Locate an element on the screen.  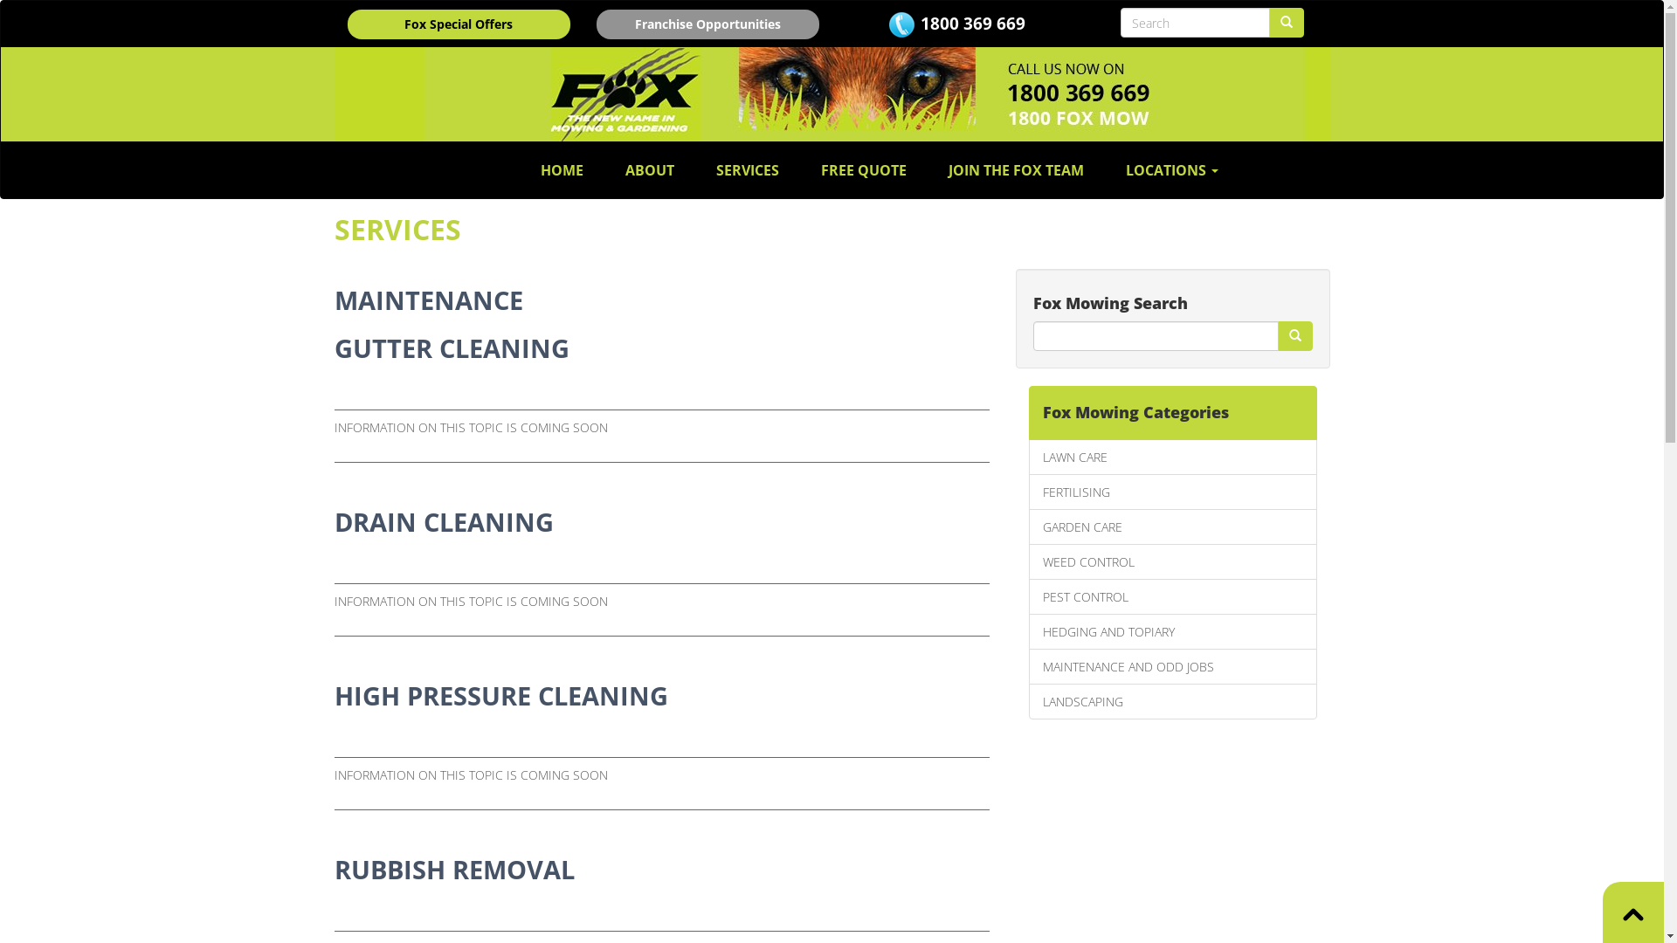
'HOME' is located at coordinates (562, 170).